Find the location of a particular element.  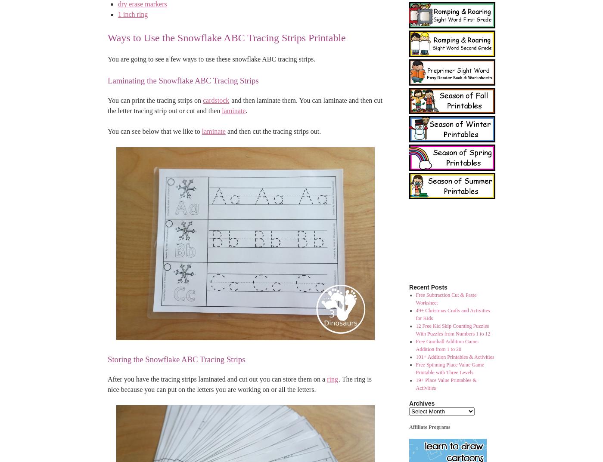

'19+ Place Value Printables & Activities' is located at coordinates (446, 384).